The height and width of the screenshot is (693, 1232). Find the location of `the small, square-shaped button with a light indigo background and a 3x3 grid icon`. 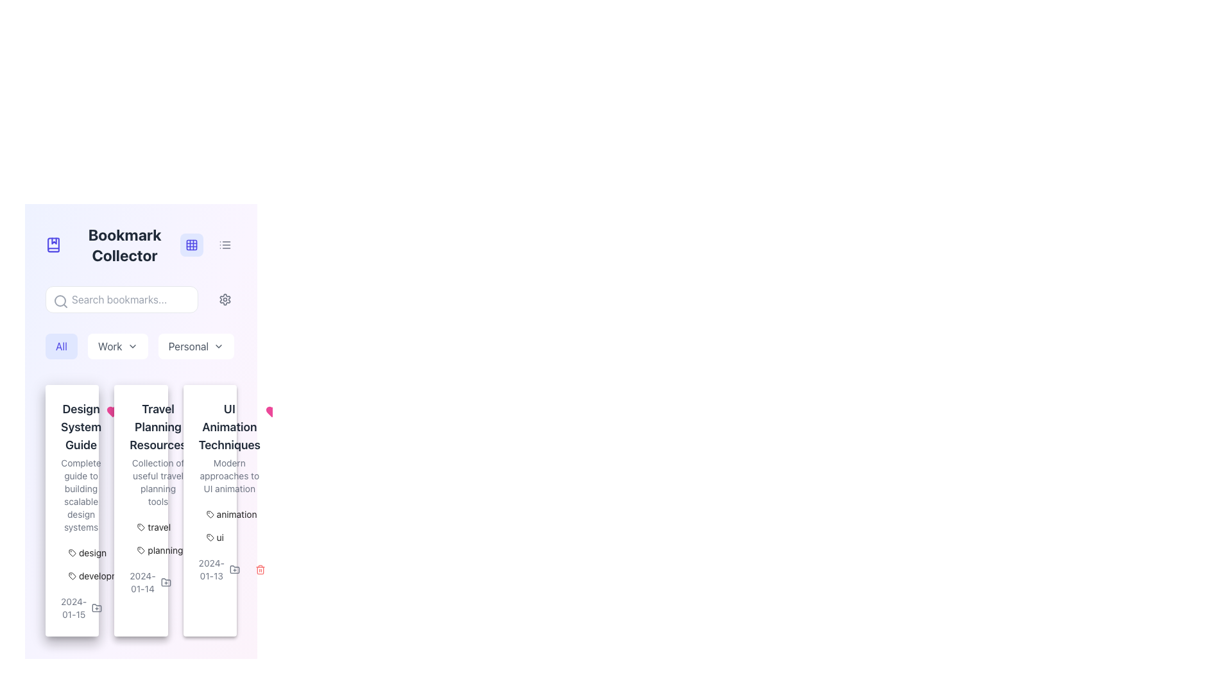

the small, square-shaped button with a light indigo background and a 3x3 grid icon is located at coordinates (191, 244).